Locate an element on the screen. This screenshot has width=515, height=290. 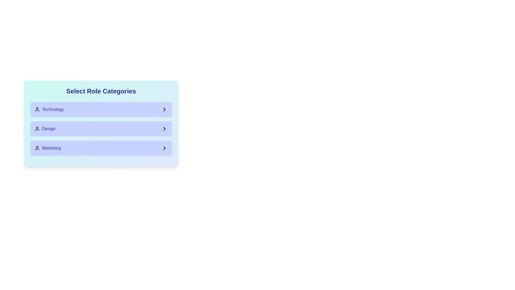
the 'Design' category button located in the middle of a vertically stacked group of entries within the 'Select Role Categories' panel using the keyboard is located at coordinates (101, 129).